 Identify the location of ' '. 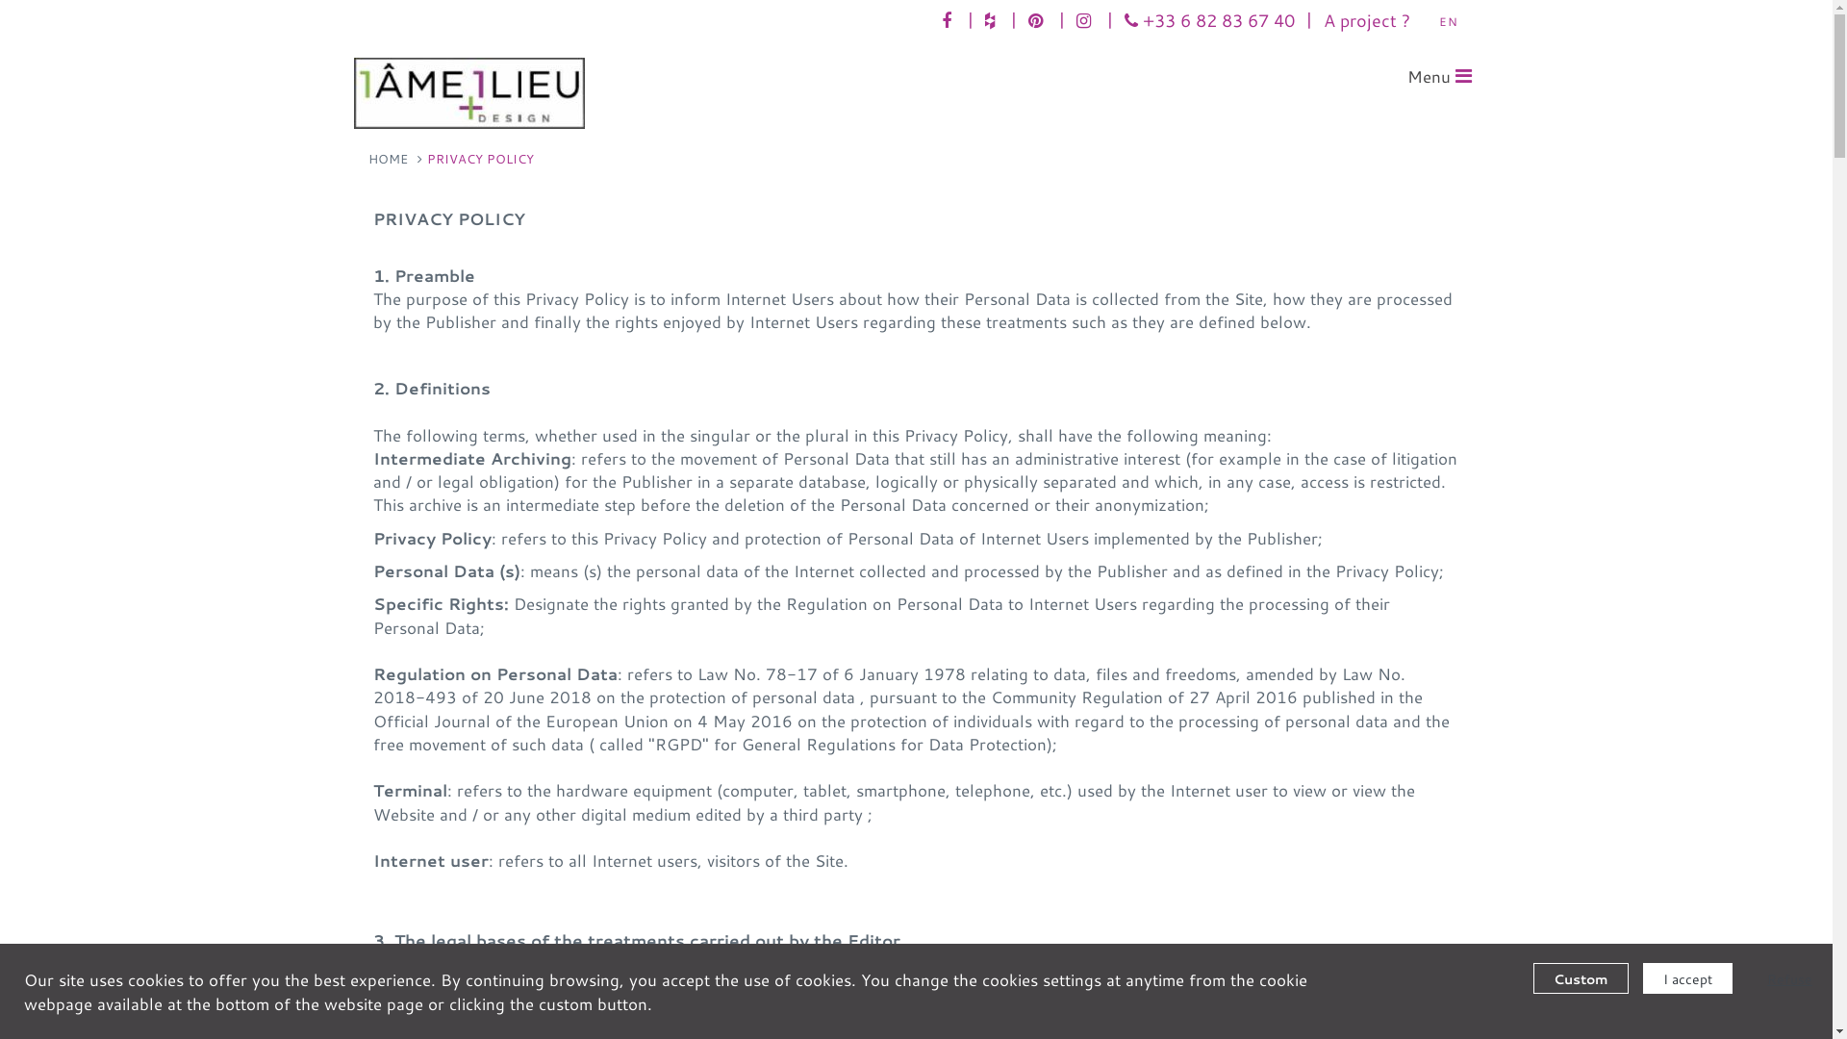
(1036, 19).